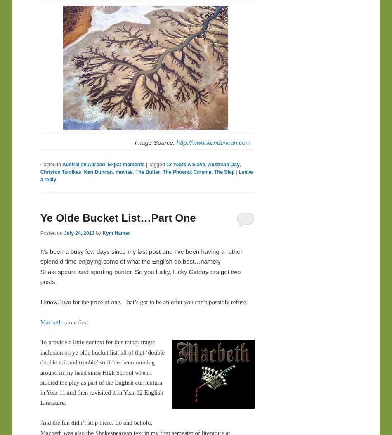 The height and width of the screenshot is (435, 392). Describe the element at coordinates (83, 164) in the screenshot. I see `'Australian Abroad'` at that location.